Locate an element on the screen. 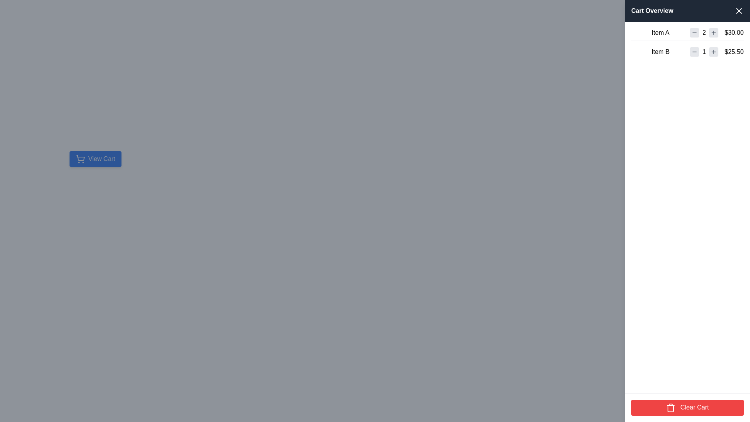  the gray Decrement Button with a minus sign located in the cart overview panel to reduce the quantity of 'Item B' is located at coordinates (694, 52).